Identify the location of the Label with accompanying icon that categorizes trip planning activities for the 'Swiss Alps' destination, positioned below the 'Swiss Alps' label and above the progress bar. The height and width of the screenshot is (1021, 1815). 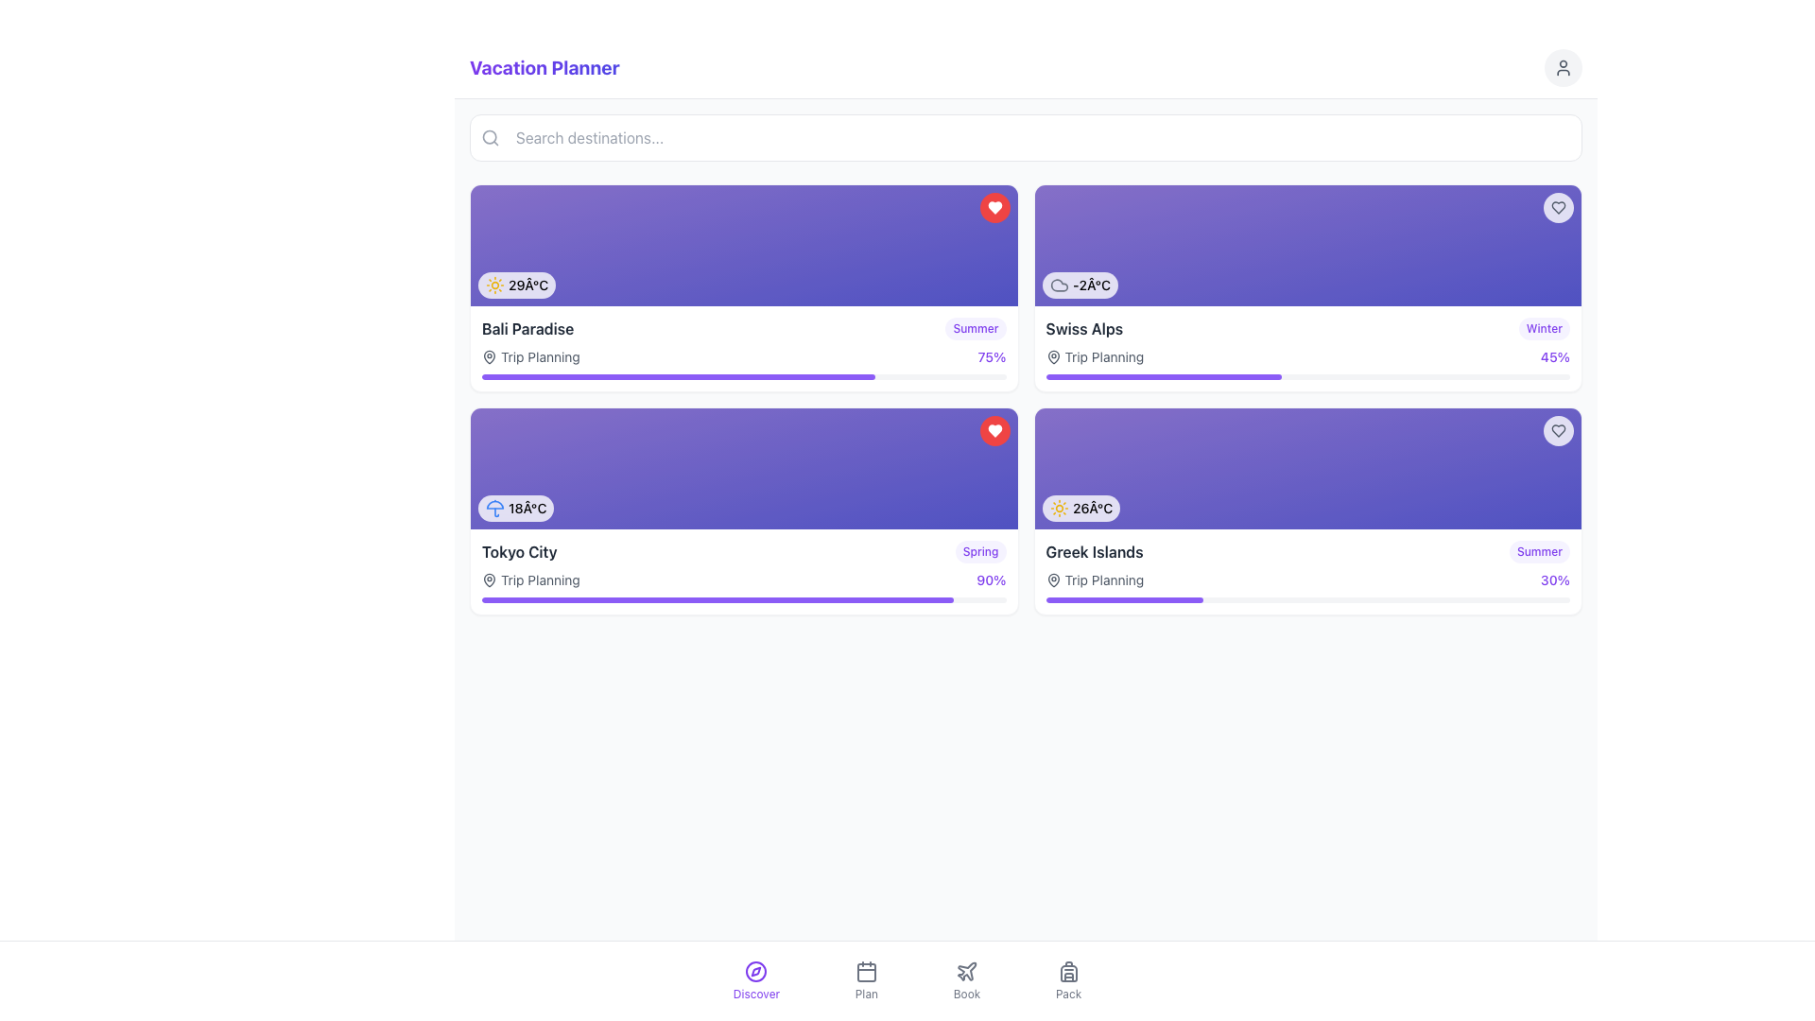
(1095, 357).